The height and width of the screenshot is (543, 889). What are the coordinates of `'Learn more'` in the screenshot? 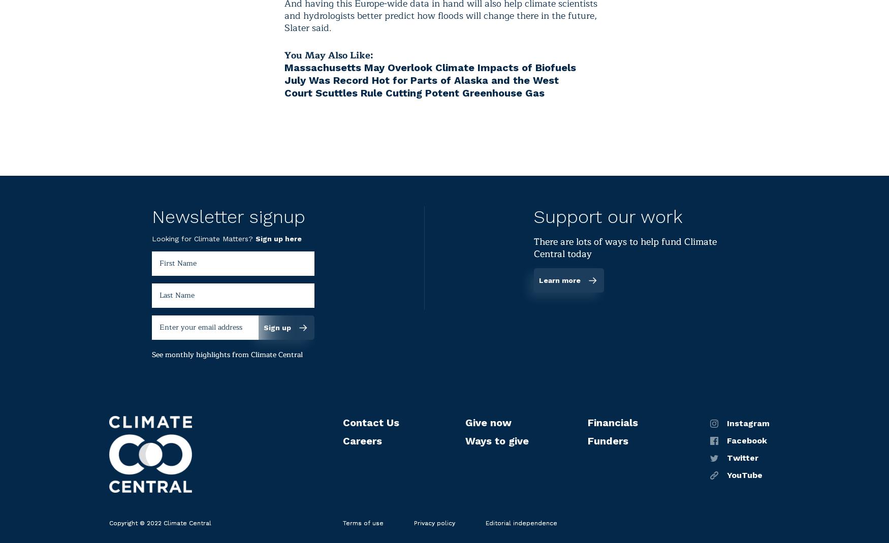 It's located at (559, 279).